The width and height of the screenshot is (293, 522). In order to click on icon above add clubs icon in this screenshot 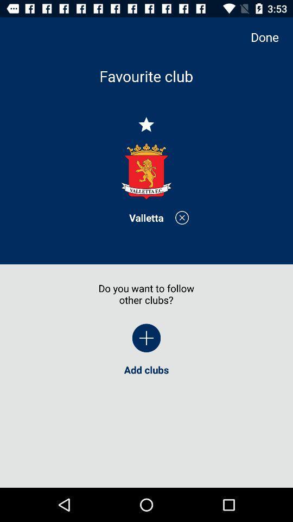, I will do `click(269, 37)`.